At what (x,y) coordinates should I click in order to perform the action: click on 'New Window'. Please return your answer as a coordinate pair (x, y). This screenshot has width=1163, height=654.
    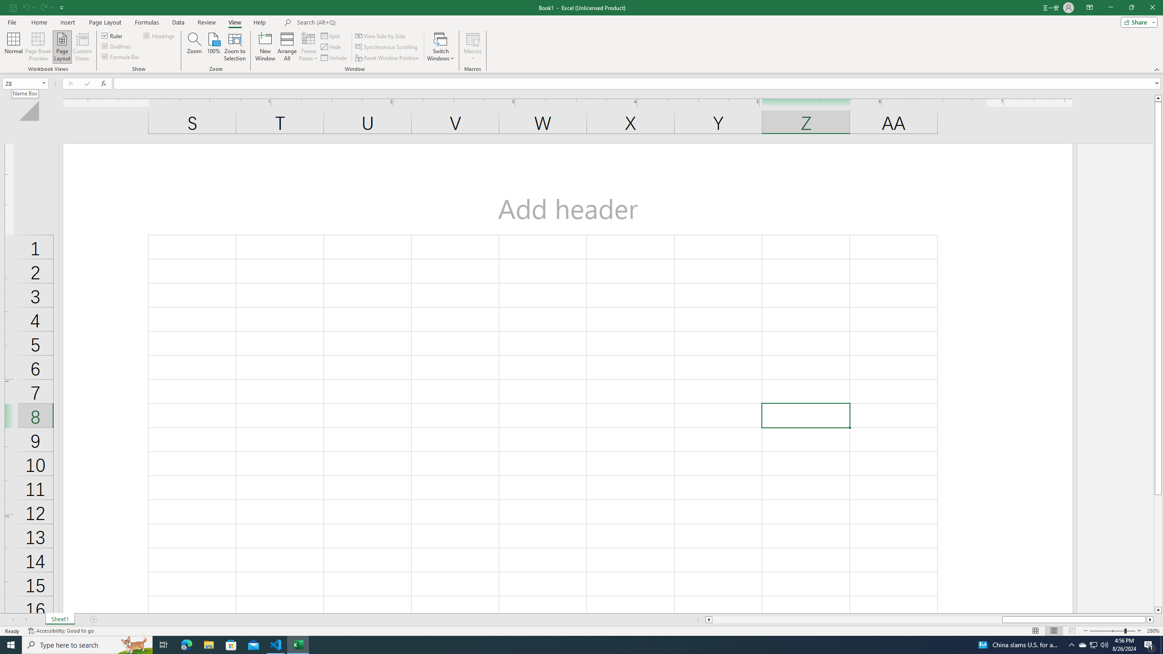
    Looking at the image, I should click on (265, 47).